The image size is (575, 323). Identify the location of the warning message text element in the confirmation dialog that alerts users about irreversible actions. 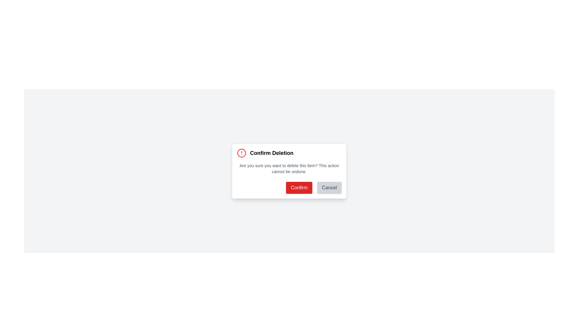
(289, 168).